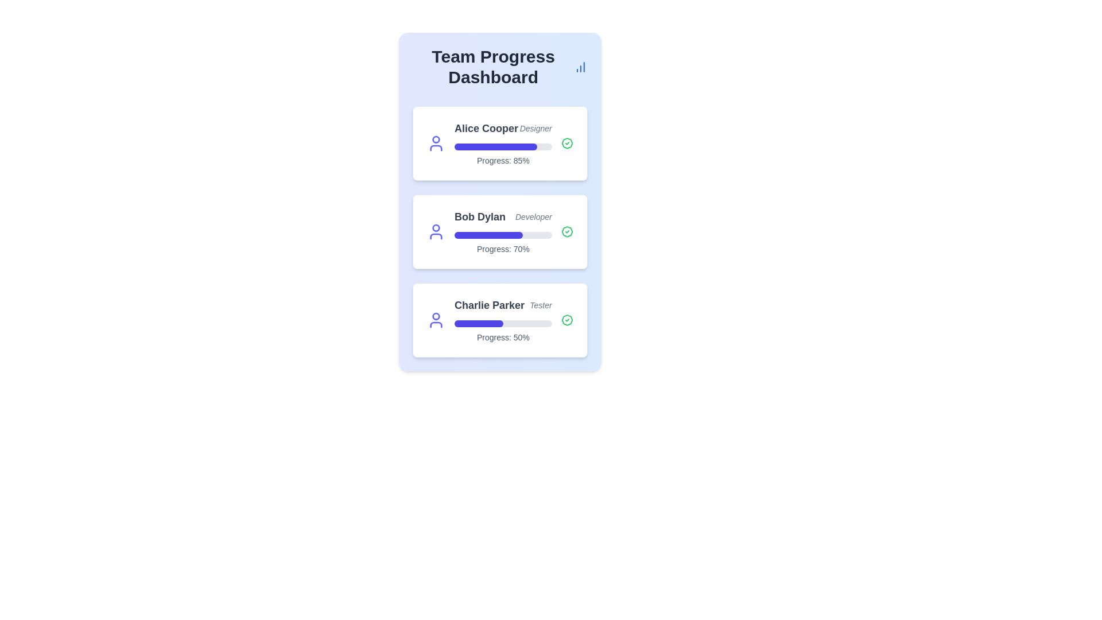 The image size is (1102, 620). What do you see at coordinates (567, 143) in the screenshot?
I see `the green badge icon with a star-like outline and a checkmark in the center, which is located on the right side of the card for 'Alice Cooper', aligning with the text 'Designer' and the progress bar below` at bounding box center [567, 143].